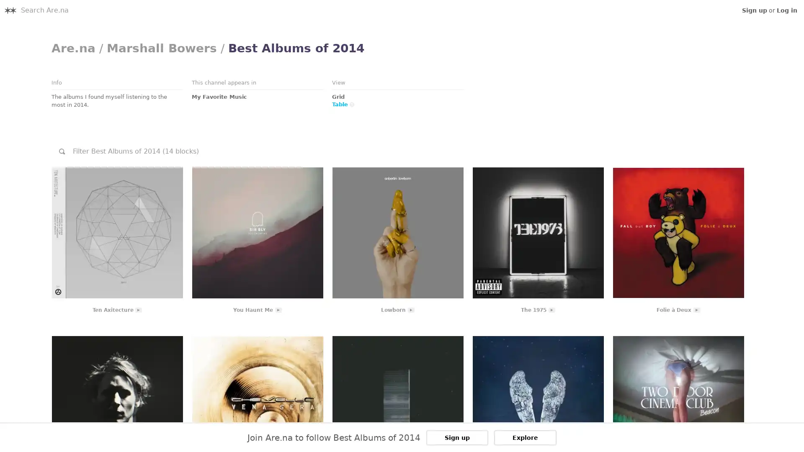 This screenshot has width=804, height=452. What do you see at coordinates (678, 232) in the screenshot?
I see `Link to Embed: Folie a Deux` at bounding box center [678, 232].